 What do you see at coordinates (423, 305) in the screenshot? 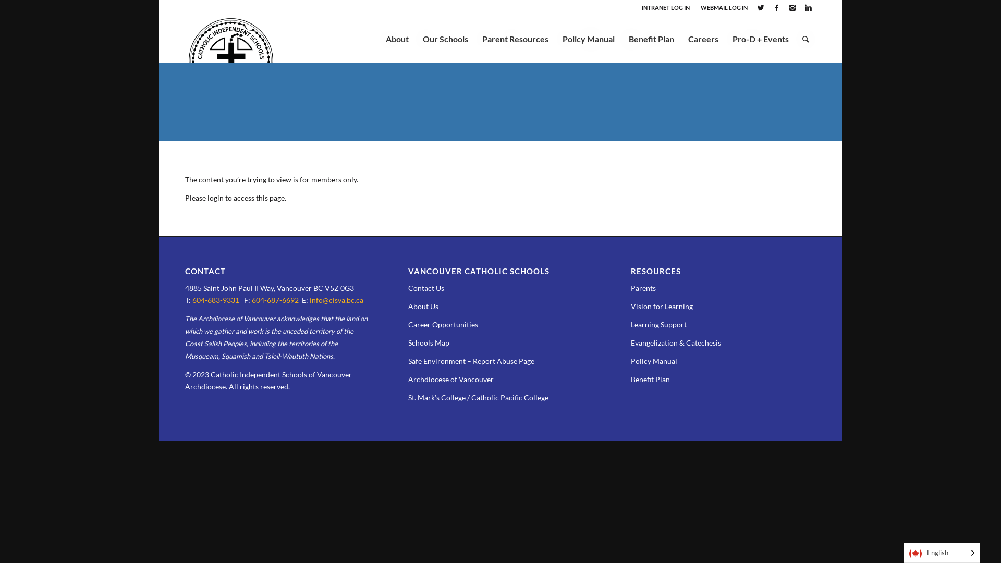
I see `'About Us'` at bounding box center [423, 305].